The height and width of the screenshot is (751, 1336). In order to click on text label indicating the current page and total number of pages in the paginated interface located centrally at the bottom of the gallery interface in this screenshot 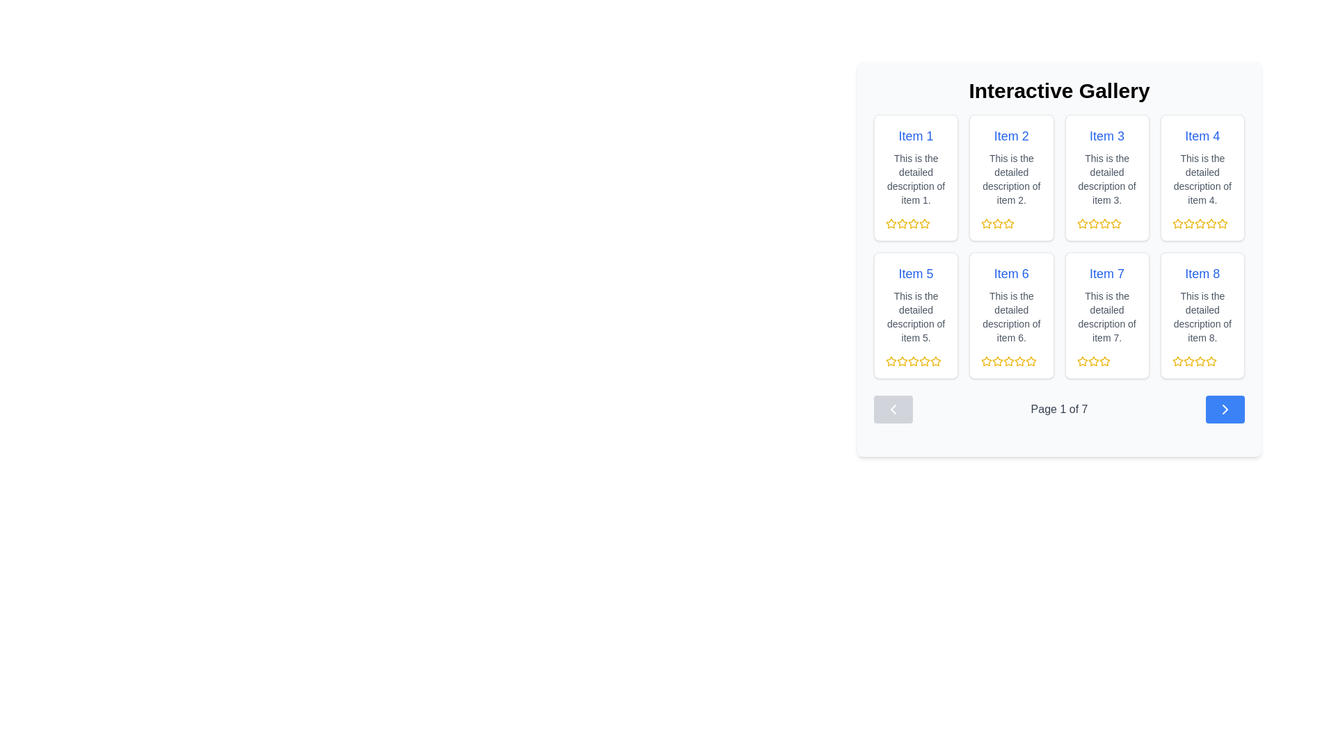, I will do `click(1058, 409)`.